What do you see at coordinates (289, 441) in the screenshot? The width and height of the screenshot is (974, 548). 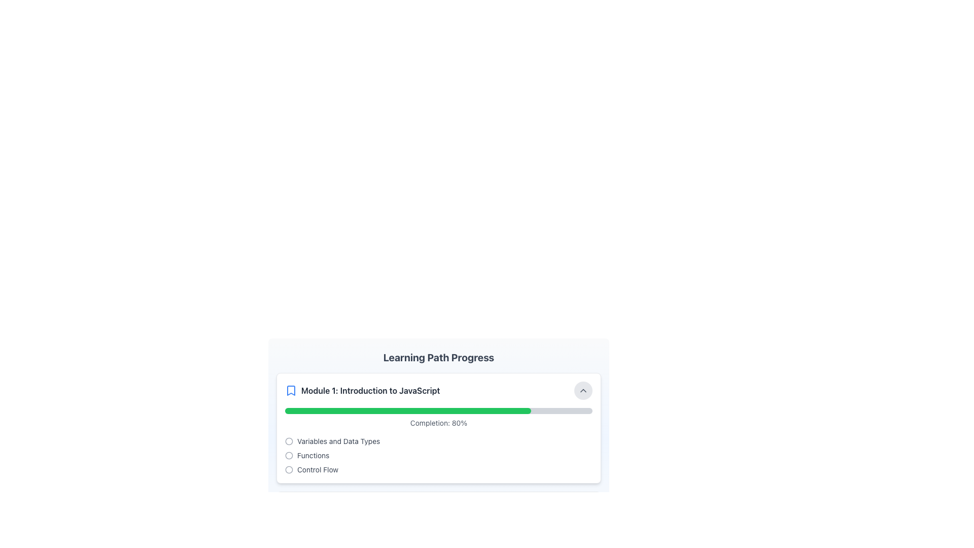 I see `the circular outline icon styled in light gray, located to the left of the 'Variables and Data Types' text` at bounding box center [289, 441].